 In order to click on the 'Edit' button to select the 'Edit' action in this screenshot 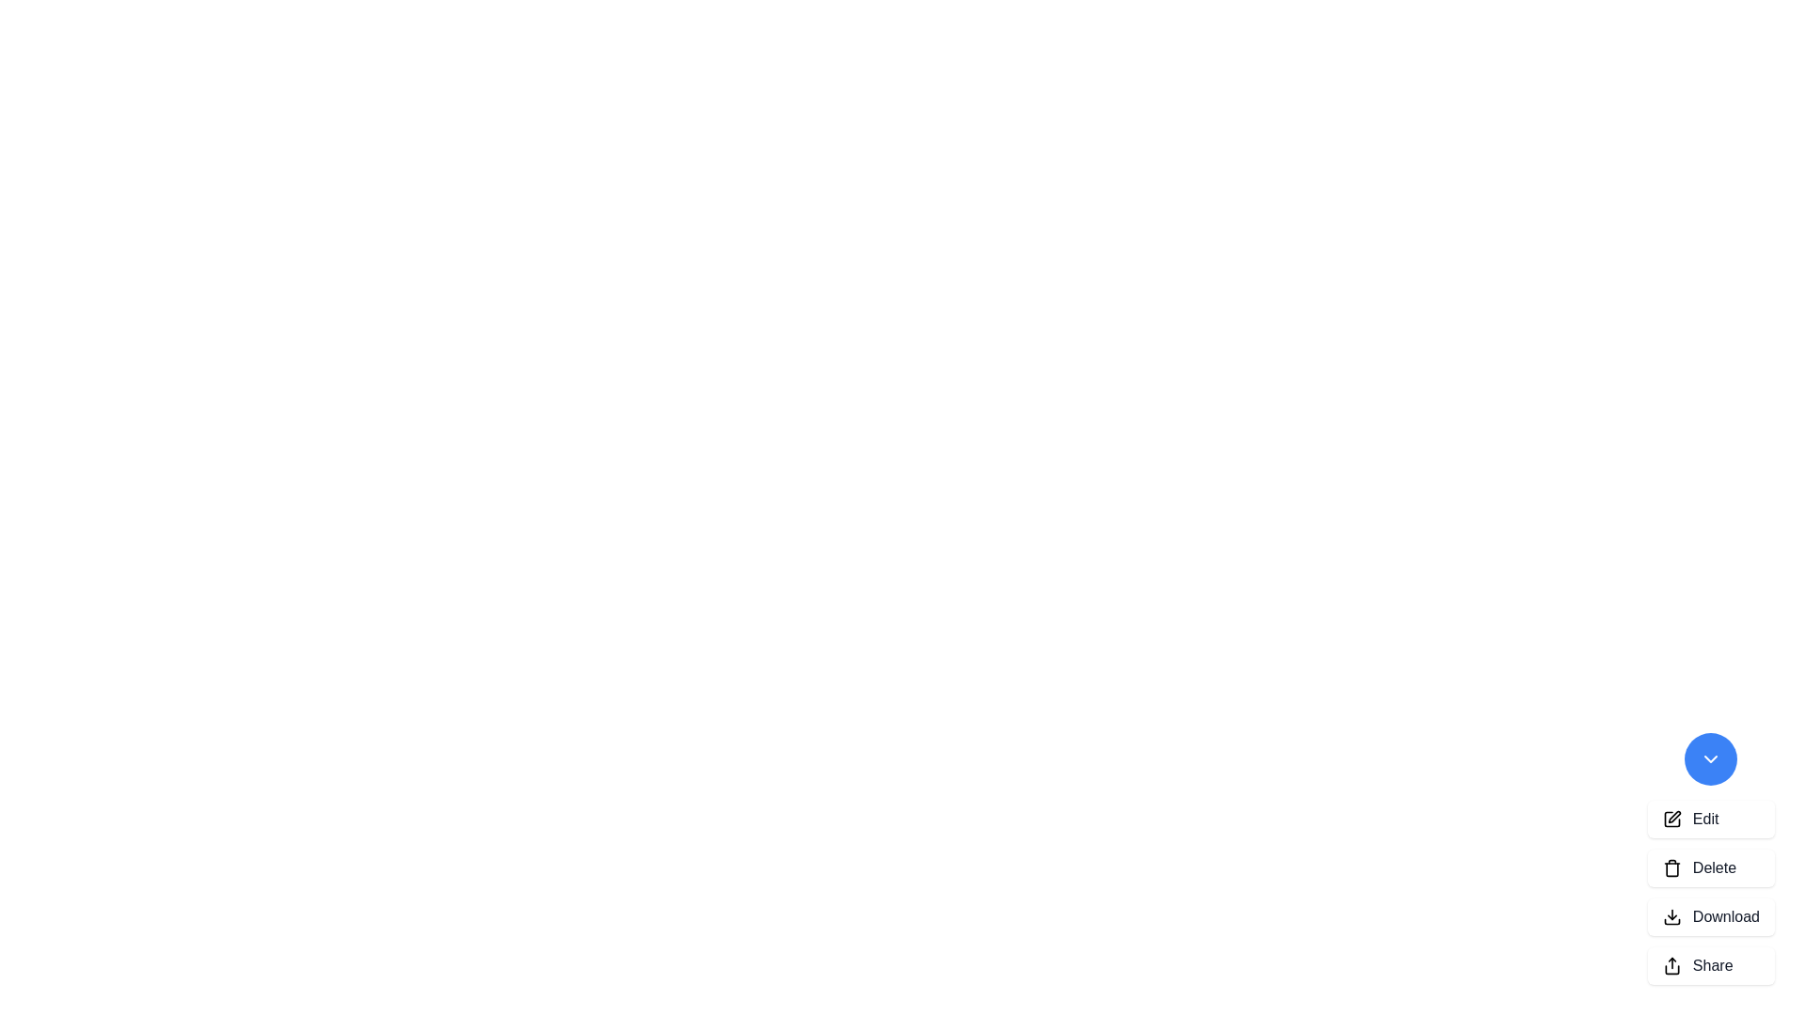, I will do `click(1711, 818)`.